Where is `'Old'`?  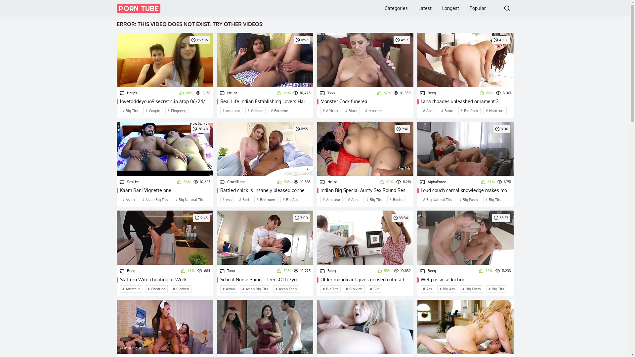 'Old' is located at coordinates (375, 289).